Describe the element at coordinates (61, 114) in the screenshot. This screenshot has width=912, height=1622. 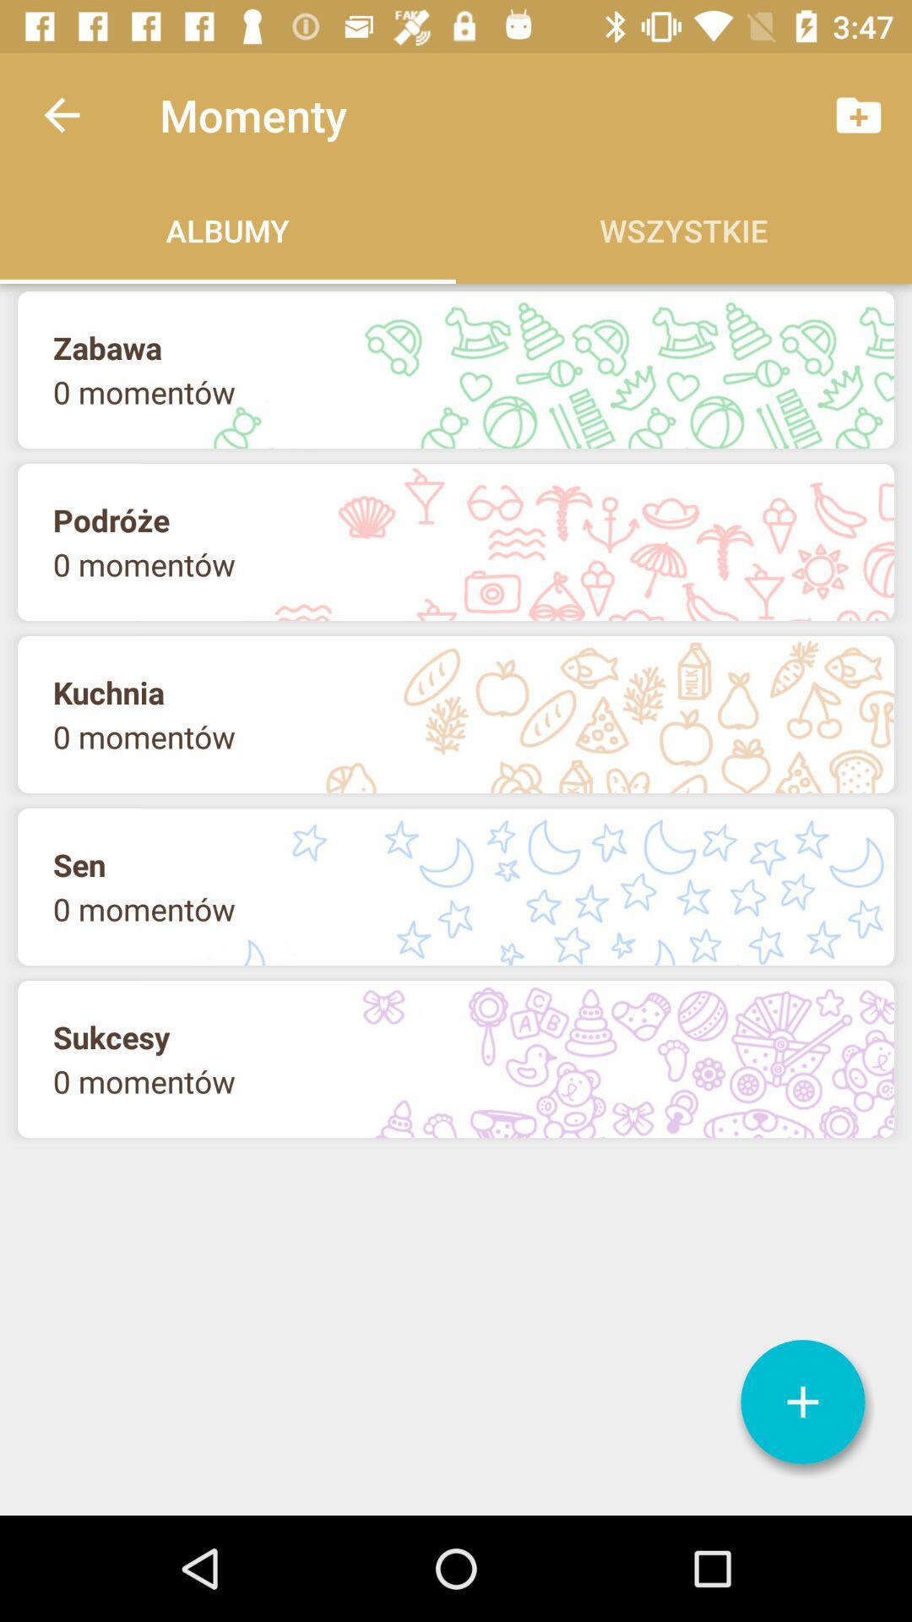
I see `the app to the left of the momenty icon` at that location.